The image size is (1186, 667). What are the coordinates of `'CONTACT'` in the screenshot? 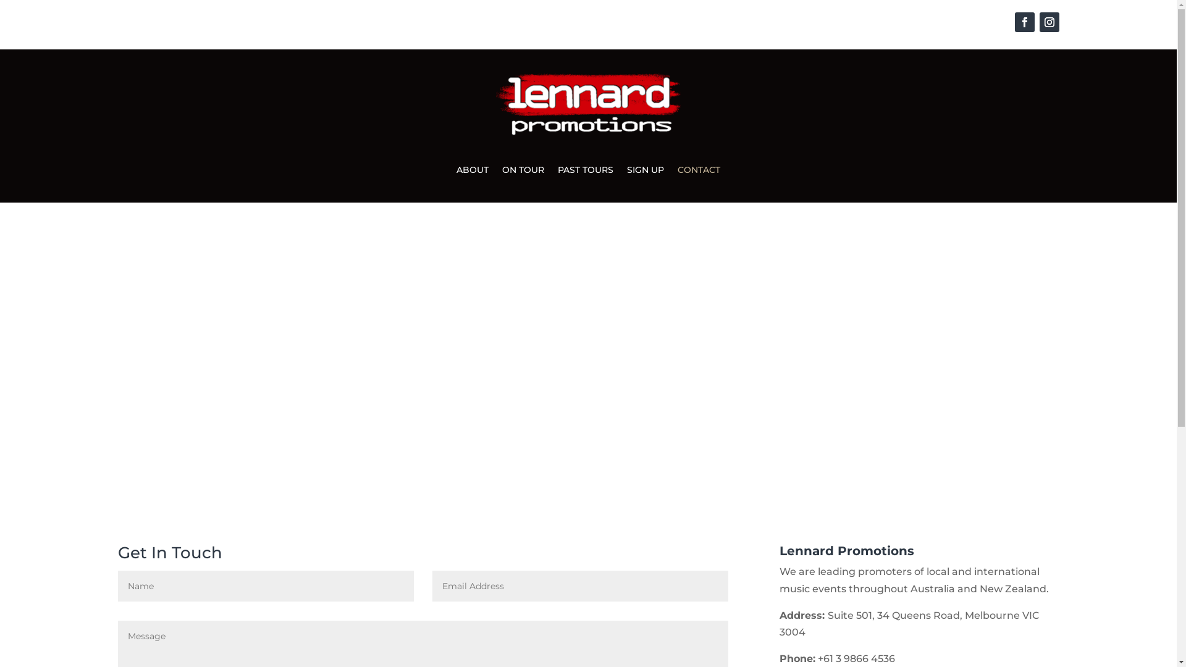 It's located at (677, 172).